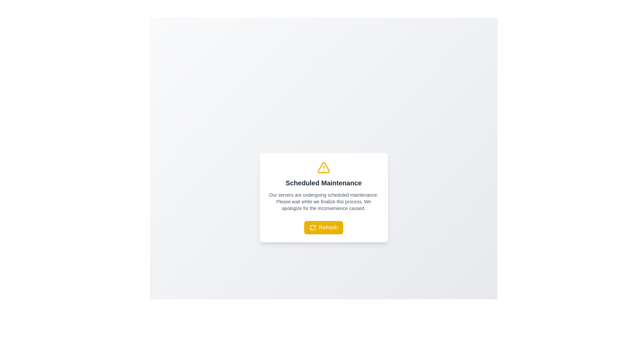  I want to click on the 'Refresh' button which contains the SVG icon on its left side, so click(312, 227).